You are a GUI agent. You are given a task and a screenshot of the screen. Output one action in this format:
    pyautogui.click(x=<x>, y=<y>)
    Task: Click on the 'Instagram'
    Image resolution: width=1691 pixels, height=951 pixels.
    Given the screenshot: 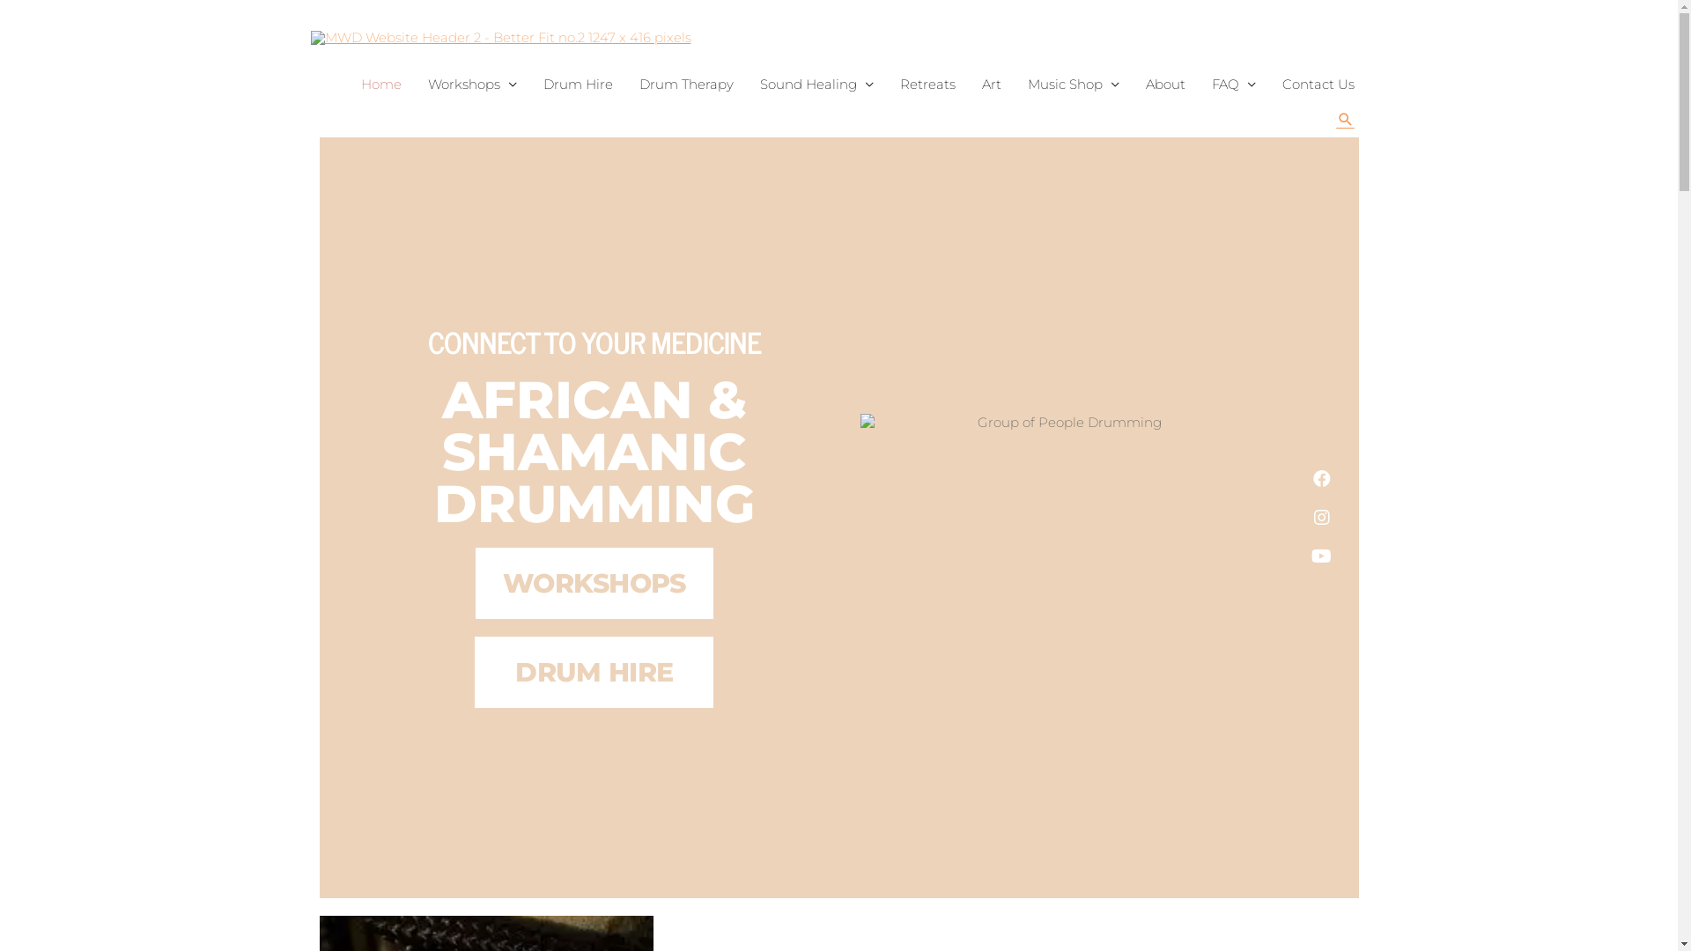 What is the action you would take?
    pyautogui.click(x=1302, y=516)
    